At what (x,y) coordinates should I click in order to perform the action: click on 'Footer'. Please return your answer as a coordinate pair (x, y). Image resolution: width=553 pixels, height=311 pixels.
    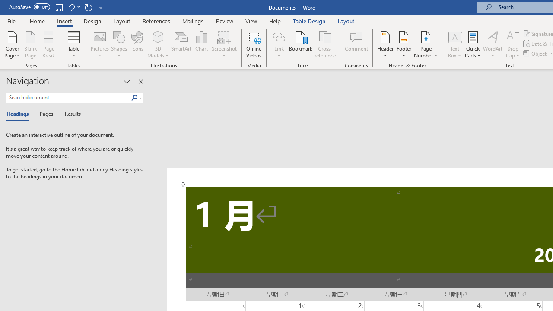
    Looking at the image, I should click on (404, 44).